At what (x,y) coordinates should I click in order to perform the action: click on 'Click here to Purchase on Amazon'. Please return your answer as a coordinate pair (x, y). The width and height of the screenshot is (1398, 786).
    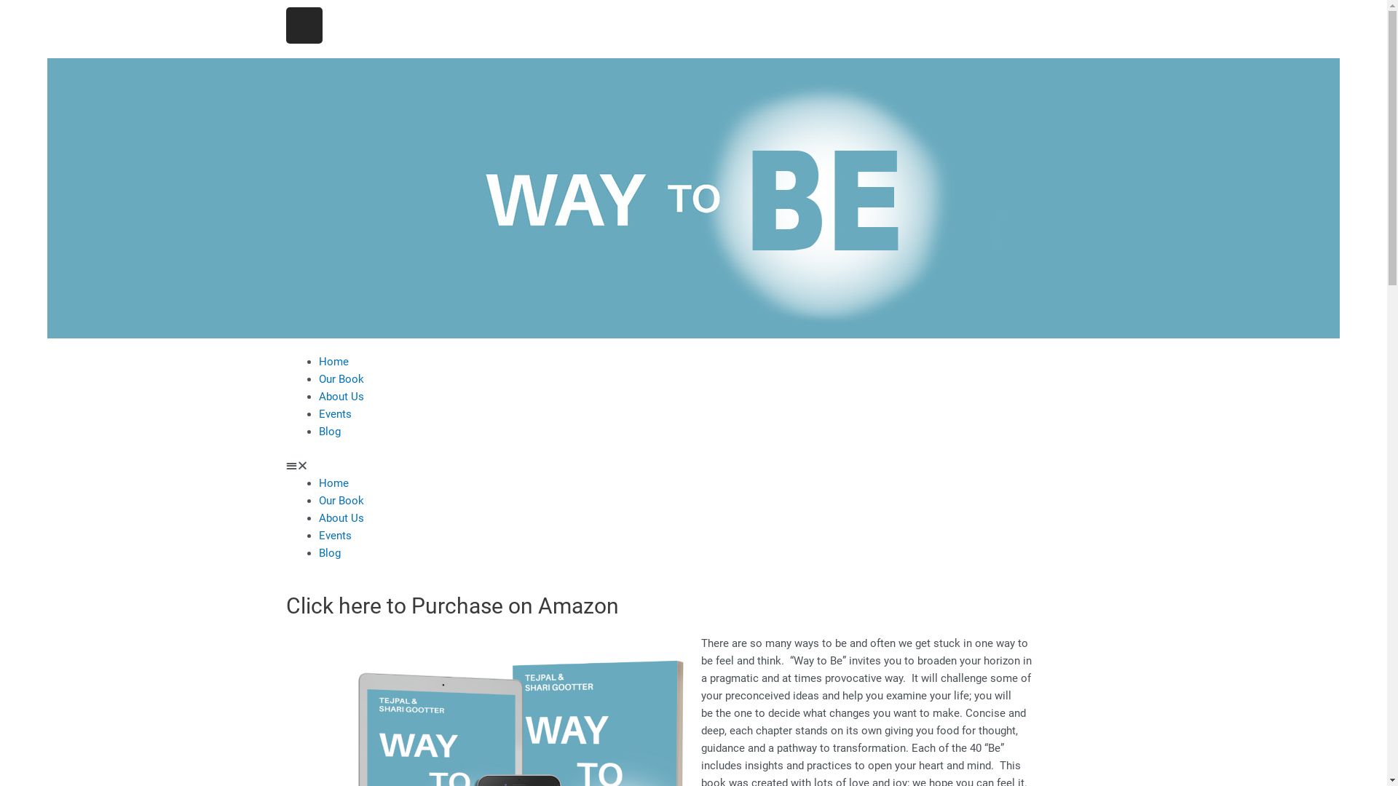
    Looking at the image, I should click on (451, 606).